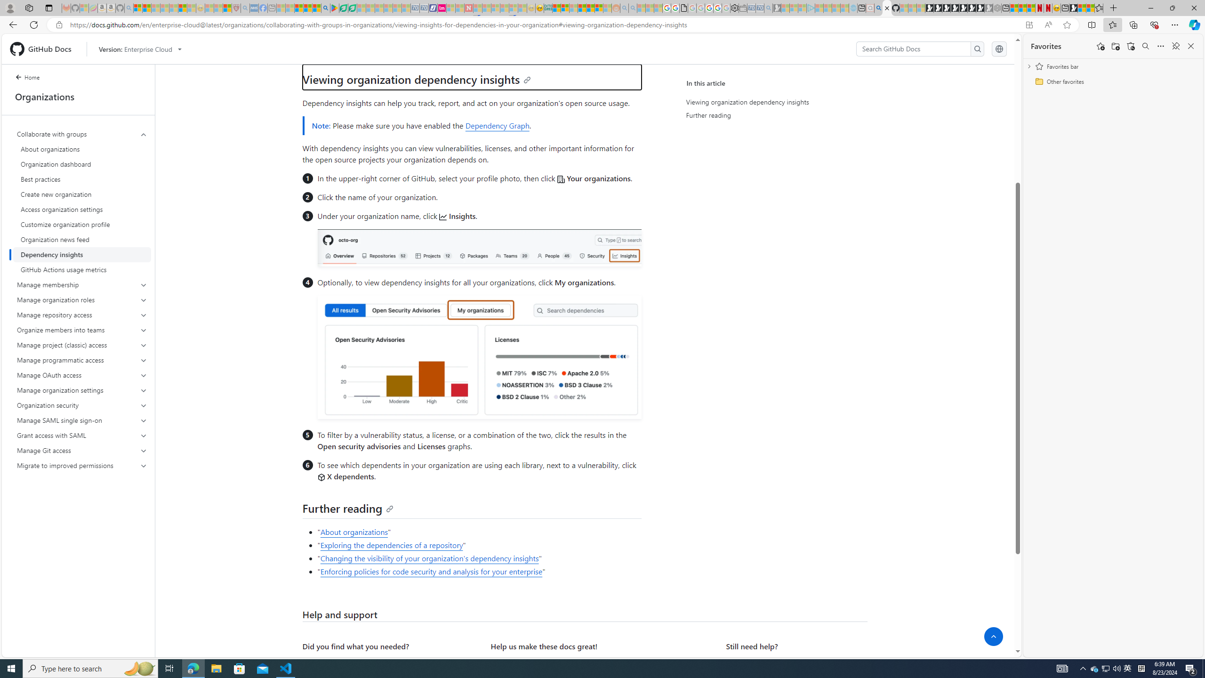  Describe the element at coordinates (1191, 45) in the screenshot. I see `'Close favorites'` at that location.